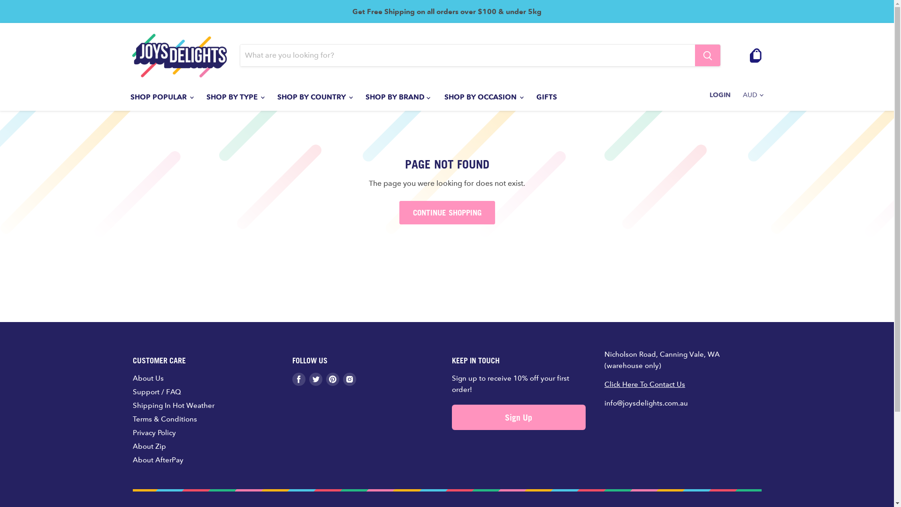 The width and height of the screenshot is (901, 507). Describe the element at coordinates (164, 418) in the screenshot. I see `'Terms & Conditions'` at that location.